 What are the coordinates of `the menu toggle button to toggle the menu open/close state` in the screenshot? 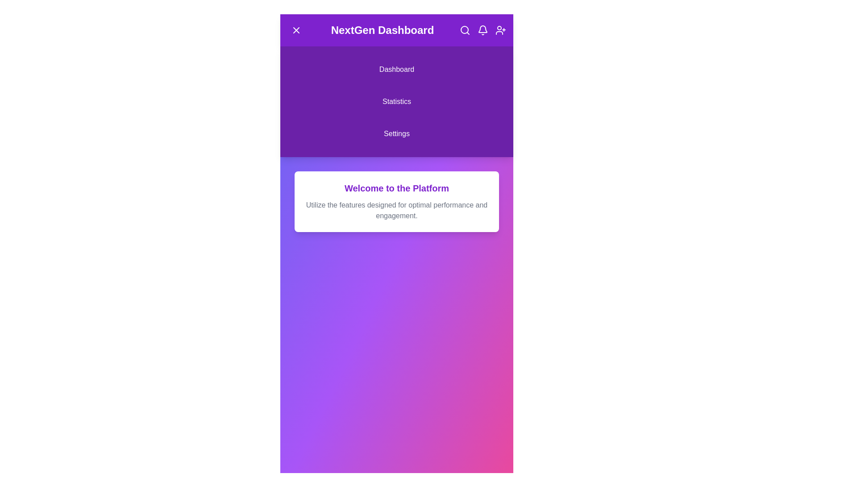 It's located at (296, 30).